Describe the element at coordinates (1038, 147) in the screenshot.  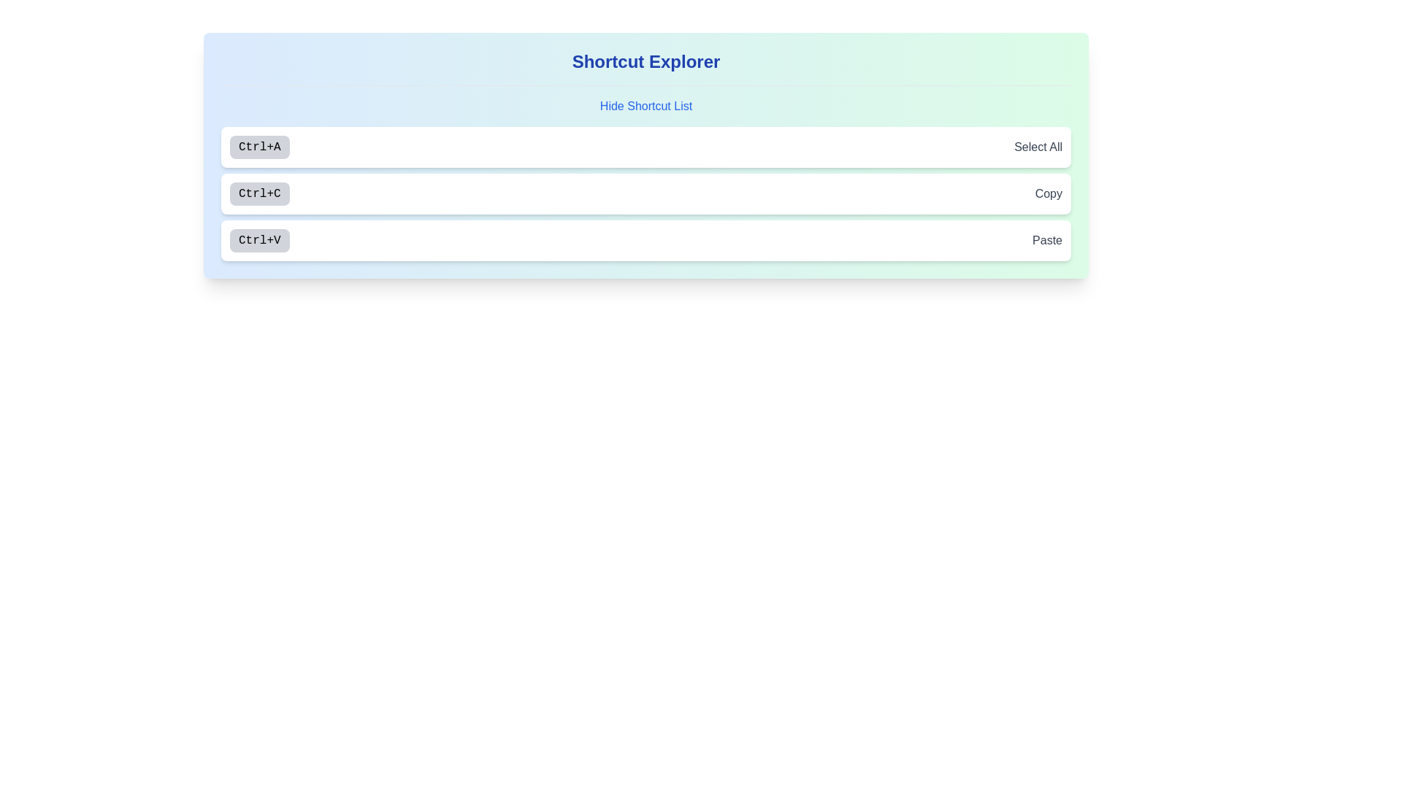
I see `the text label that displays 'Select All' in gray, positioned to the right of the 'Ctrl+A' label` at that location.